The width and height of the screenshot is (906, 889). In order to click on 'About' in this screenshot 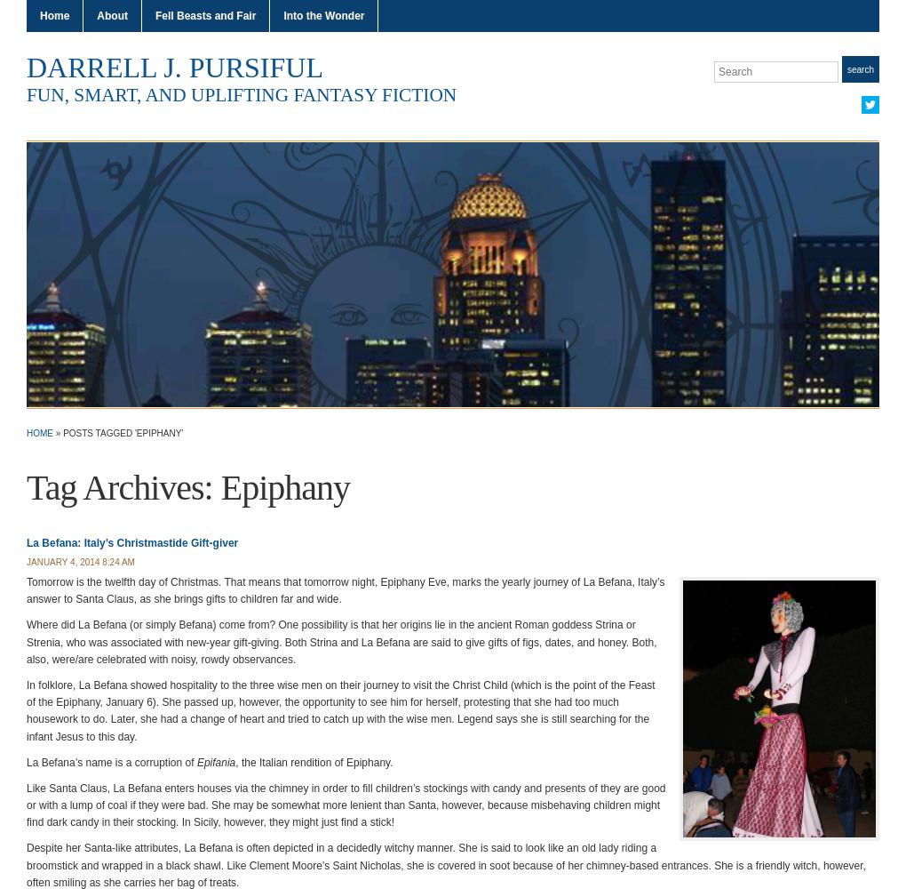, I will do `click(111, 16)`.